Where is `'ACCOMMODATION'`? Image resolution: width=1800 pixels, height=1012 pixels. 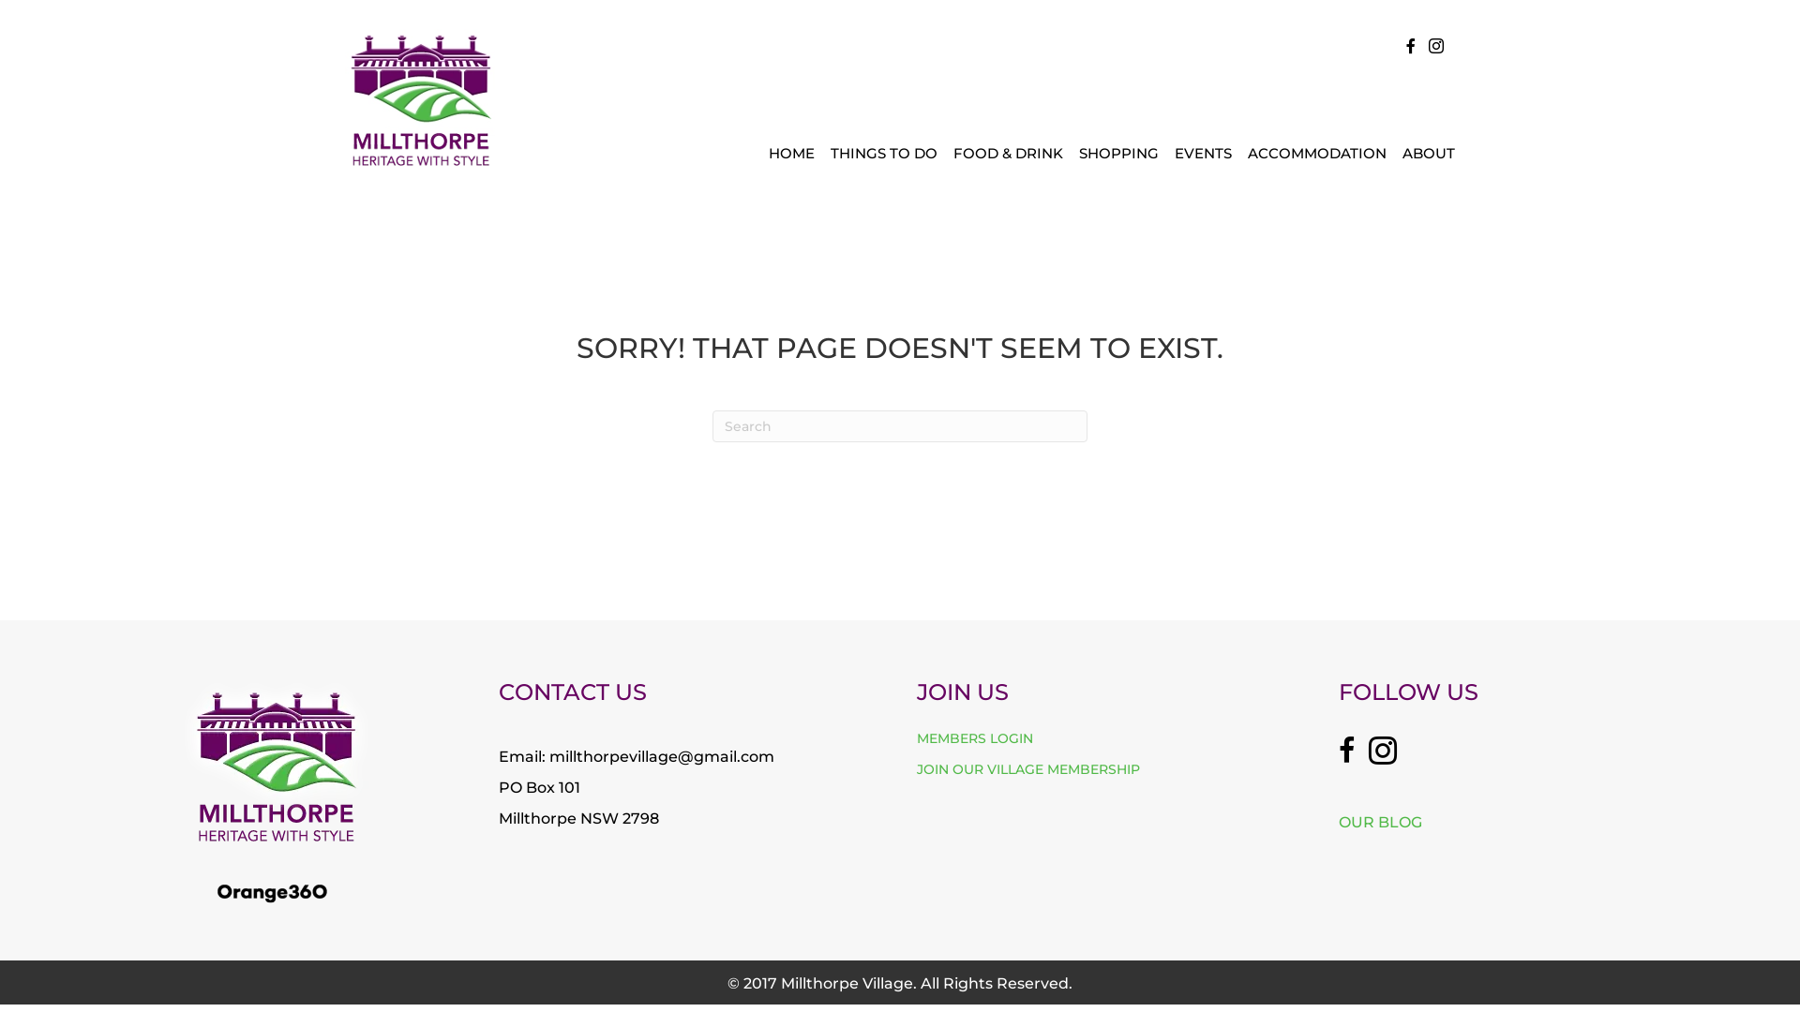 'ACCOMMODATION' is located at coordinates (1316, 152).